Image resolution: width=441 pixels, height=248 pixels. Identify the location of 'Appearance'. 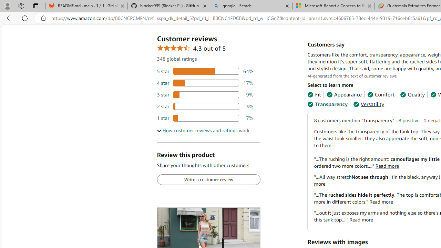
(344, 95).